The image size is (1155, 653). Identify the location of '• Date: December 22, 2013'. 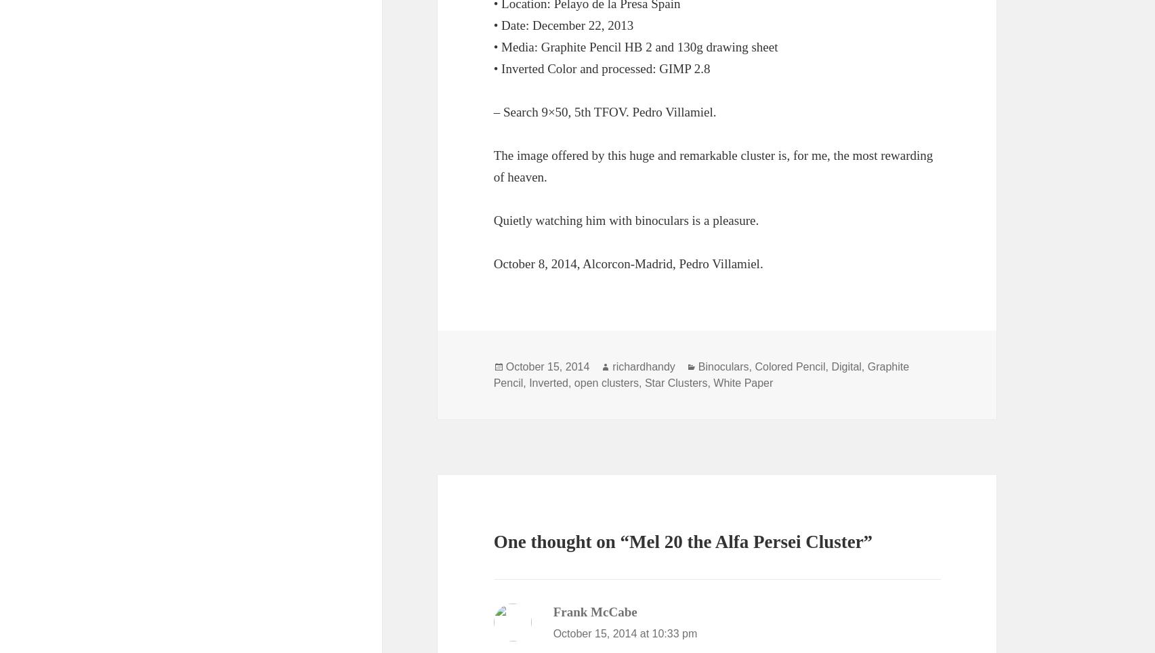
(563, 24).